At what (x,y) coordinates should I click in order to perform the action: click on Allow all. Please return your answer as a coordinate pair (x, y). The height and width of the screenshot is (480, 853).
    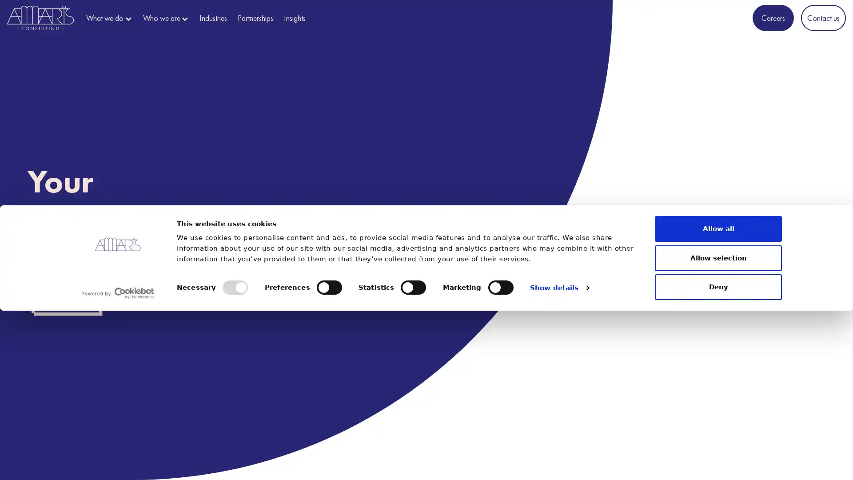
    Looking at the image, I should click on (718, 397).